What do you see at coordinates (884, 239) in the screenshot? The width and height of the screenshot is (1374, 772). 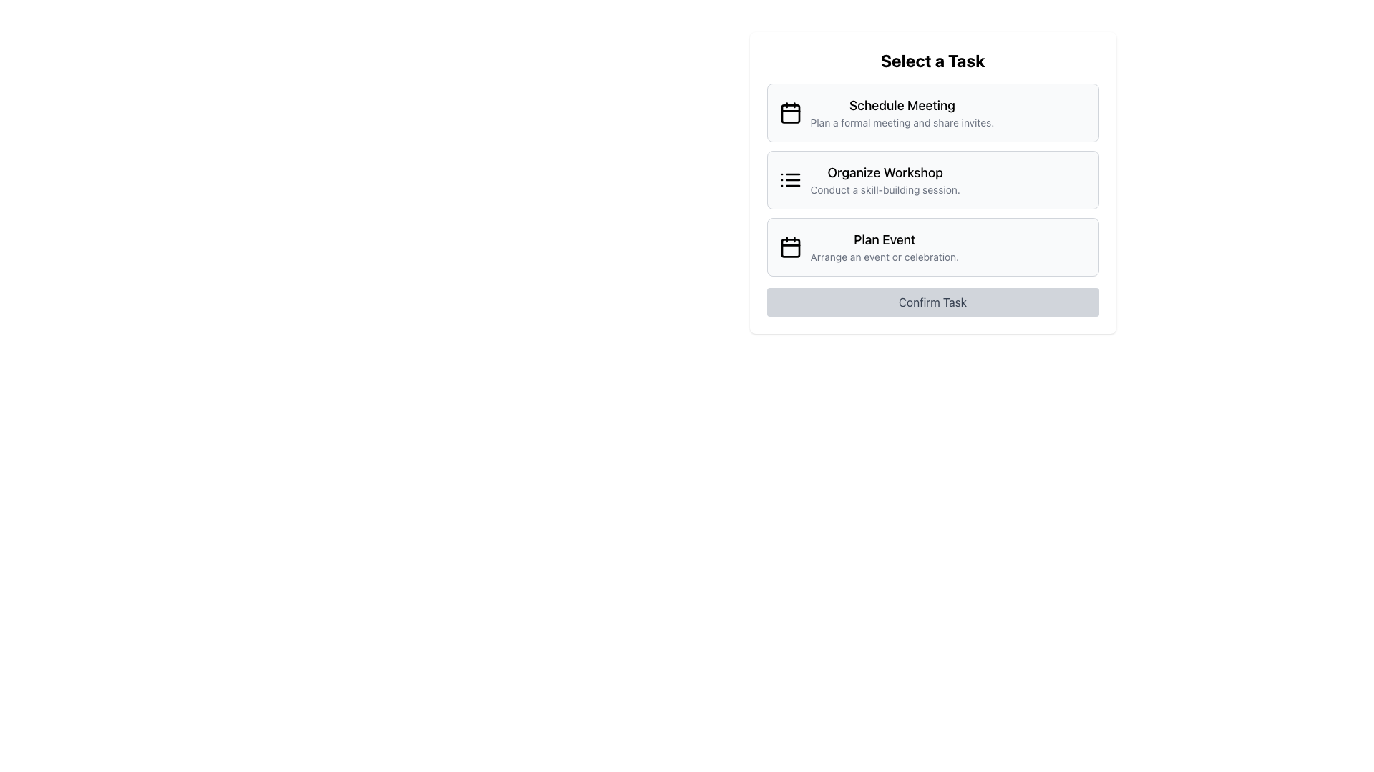 I see `the text label that serves as the title for the task selection option related to planning an event, located horizontally centered in the third task selection box under 'Select a Task'` at bounding box center [884, 239].